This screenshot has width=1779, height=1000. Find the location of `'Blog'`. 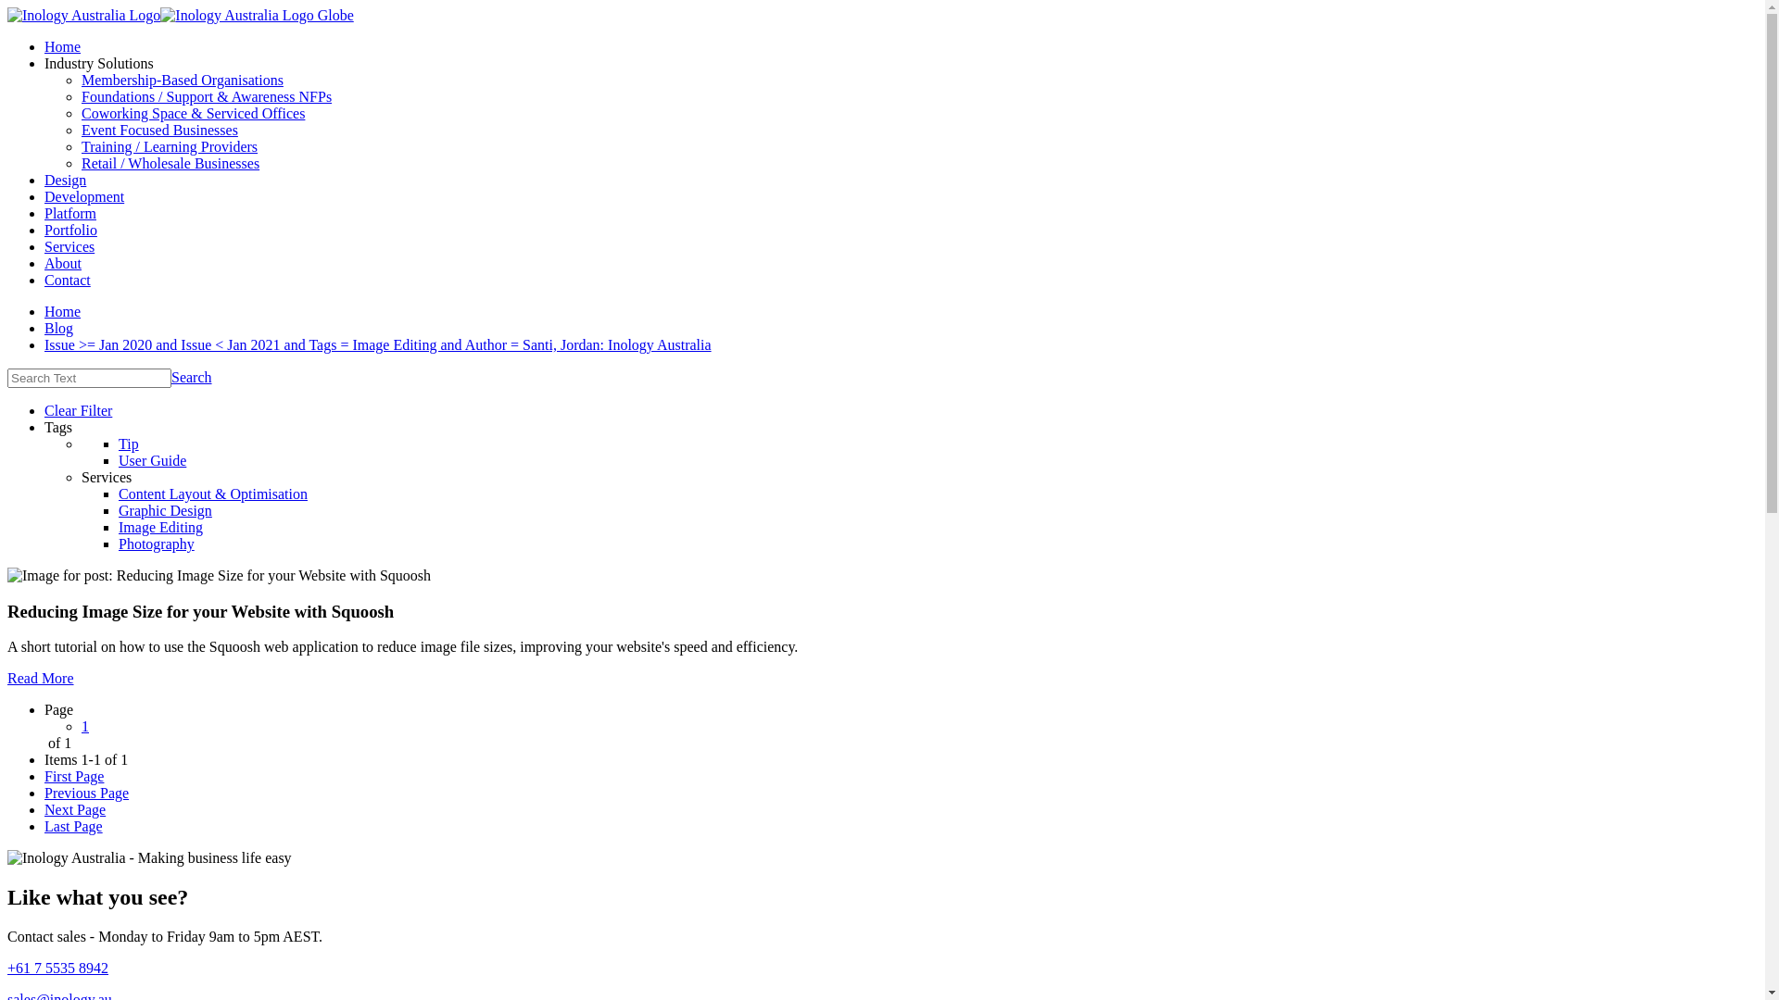

'Blog' is located at coordinates (58, 327).